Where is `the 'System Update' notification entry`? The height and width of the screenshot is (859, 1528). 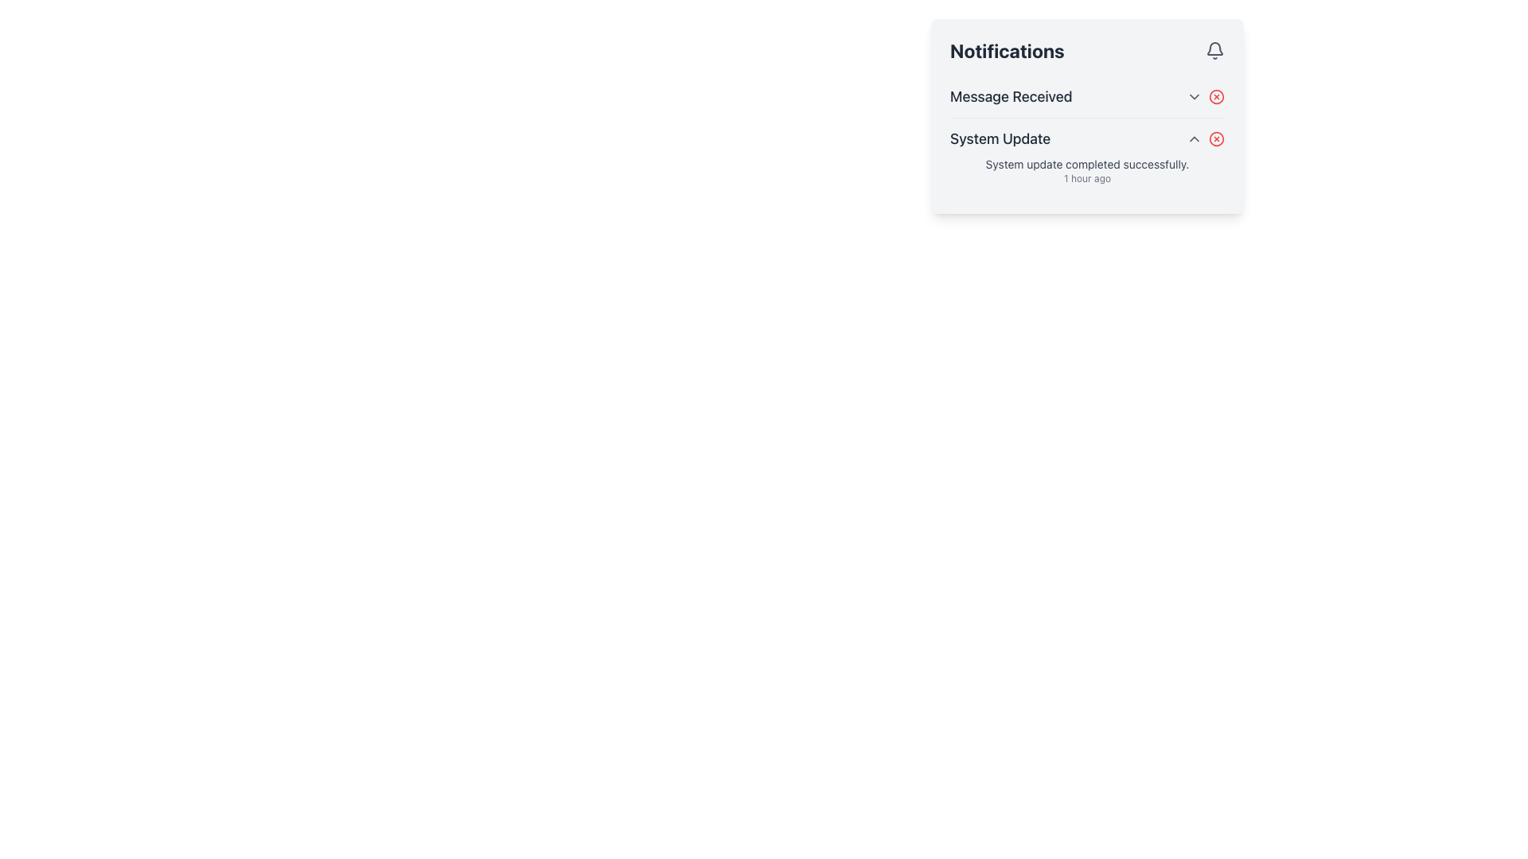 the 'System Update' notification entry is located at coordinates (1086, 134).